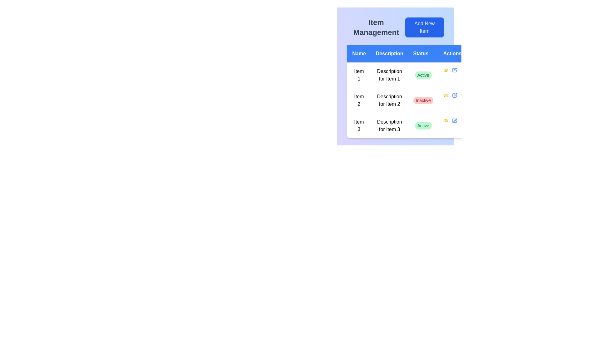  Describe the element at coordinates (359, 125) in the screenshot. I see `the 'Item 3' text label, which is a clean and minimalist styled text element displaying 'Item' on the first line and '3' on the second, located in the third row under the 'Name' column` at that location.